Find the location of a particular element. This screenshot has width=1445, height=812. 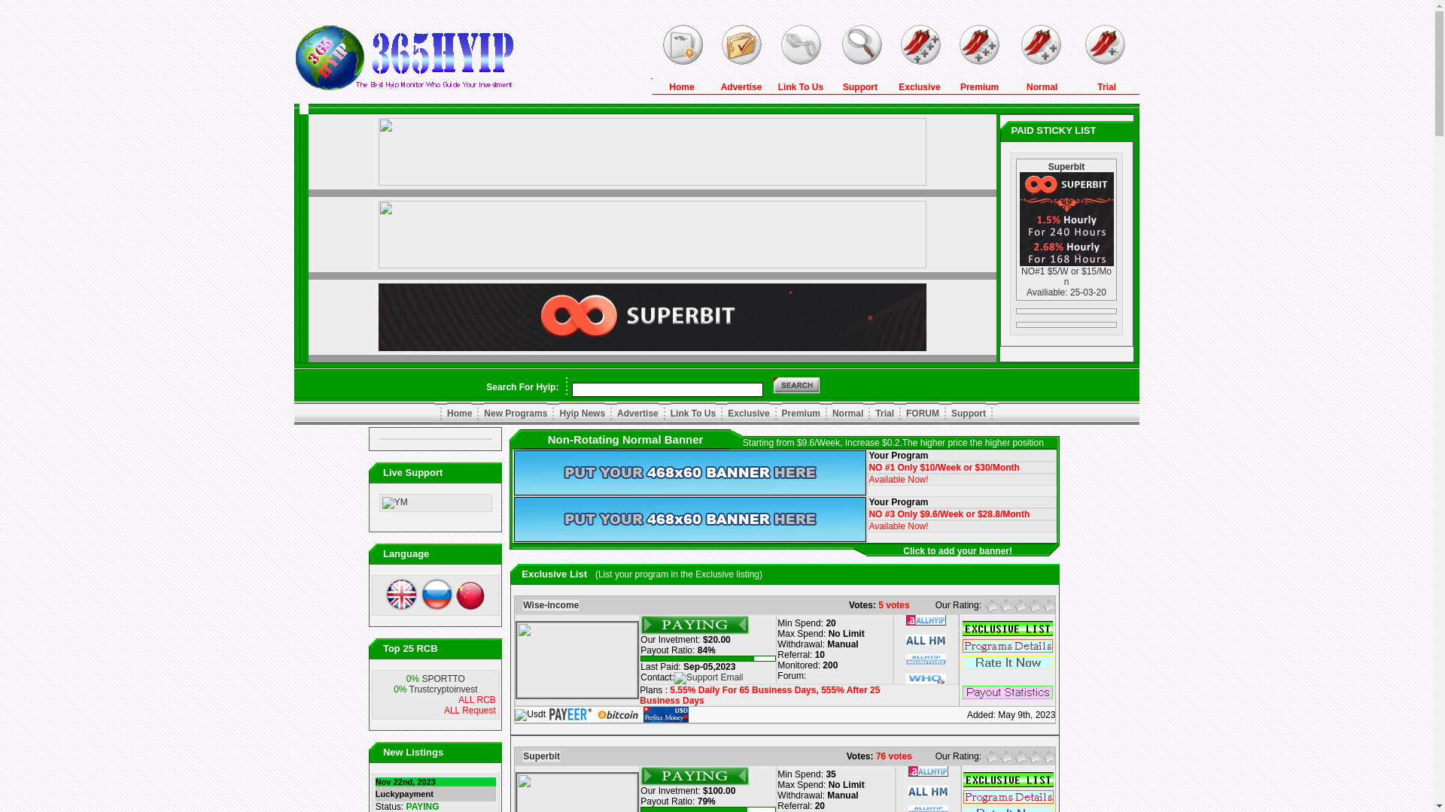

'NO #1 Only $10/Week or $30/Month' is located at coordinates (868, 466).